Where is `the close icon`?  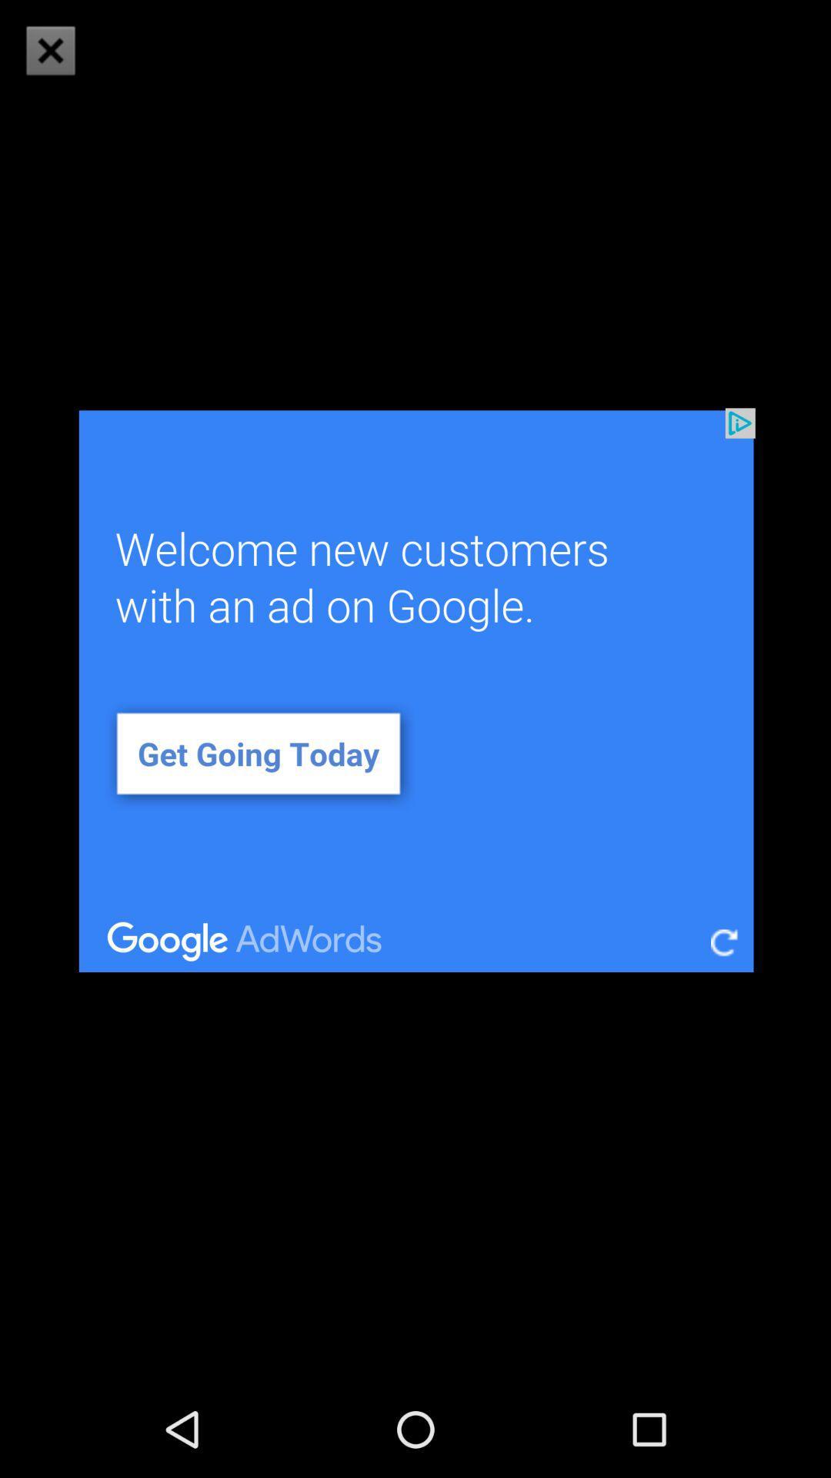
the close icon is located at coordinates (49, 54).